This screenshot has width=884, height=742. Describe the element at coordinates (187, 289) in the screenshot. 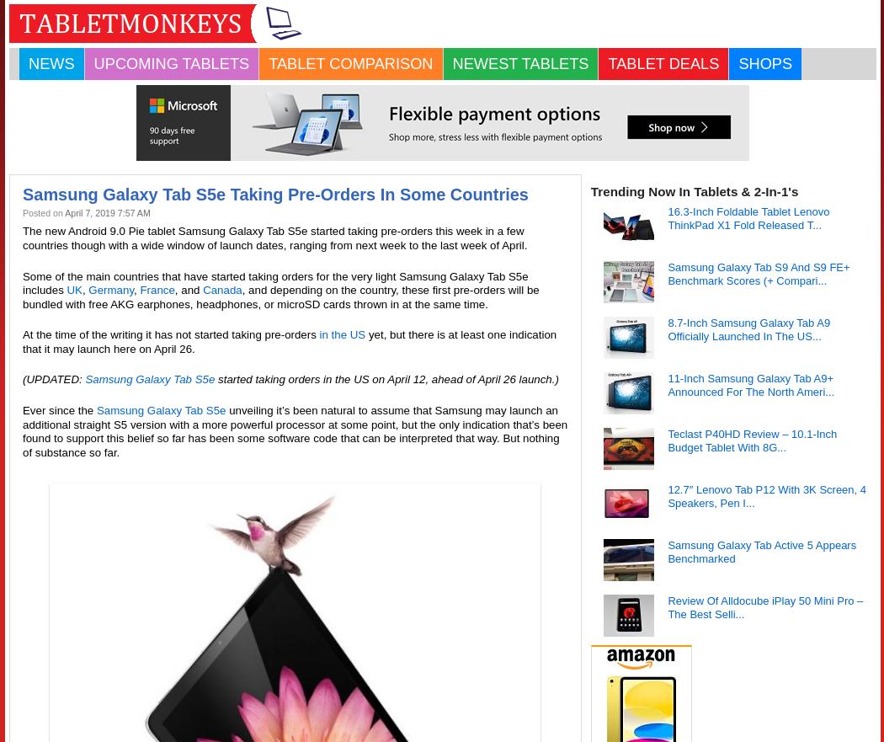

I see `', and'` at that location.